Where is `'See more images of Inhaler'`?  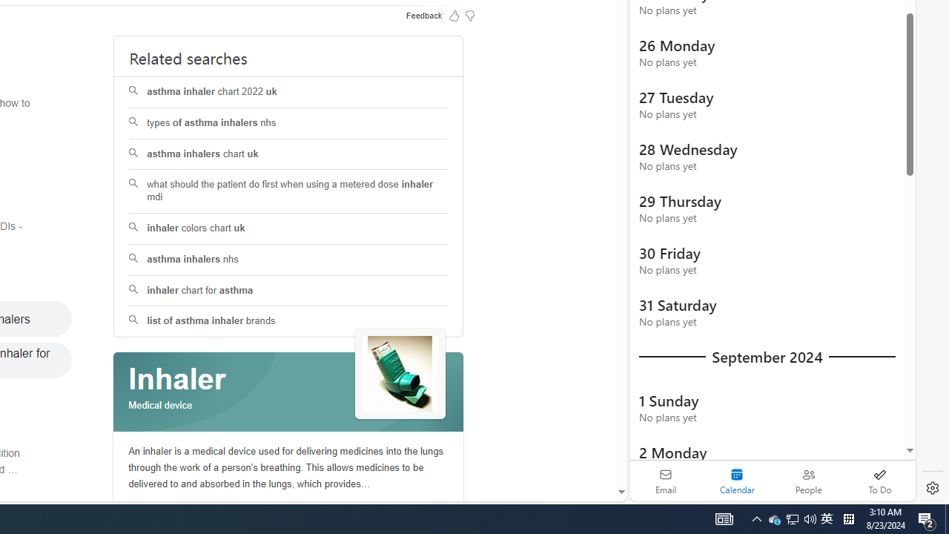 'See more images of Inhaler' is located at coordinates (400, 373).